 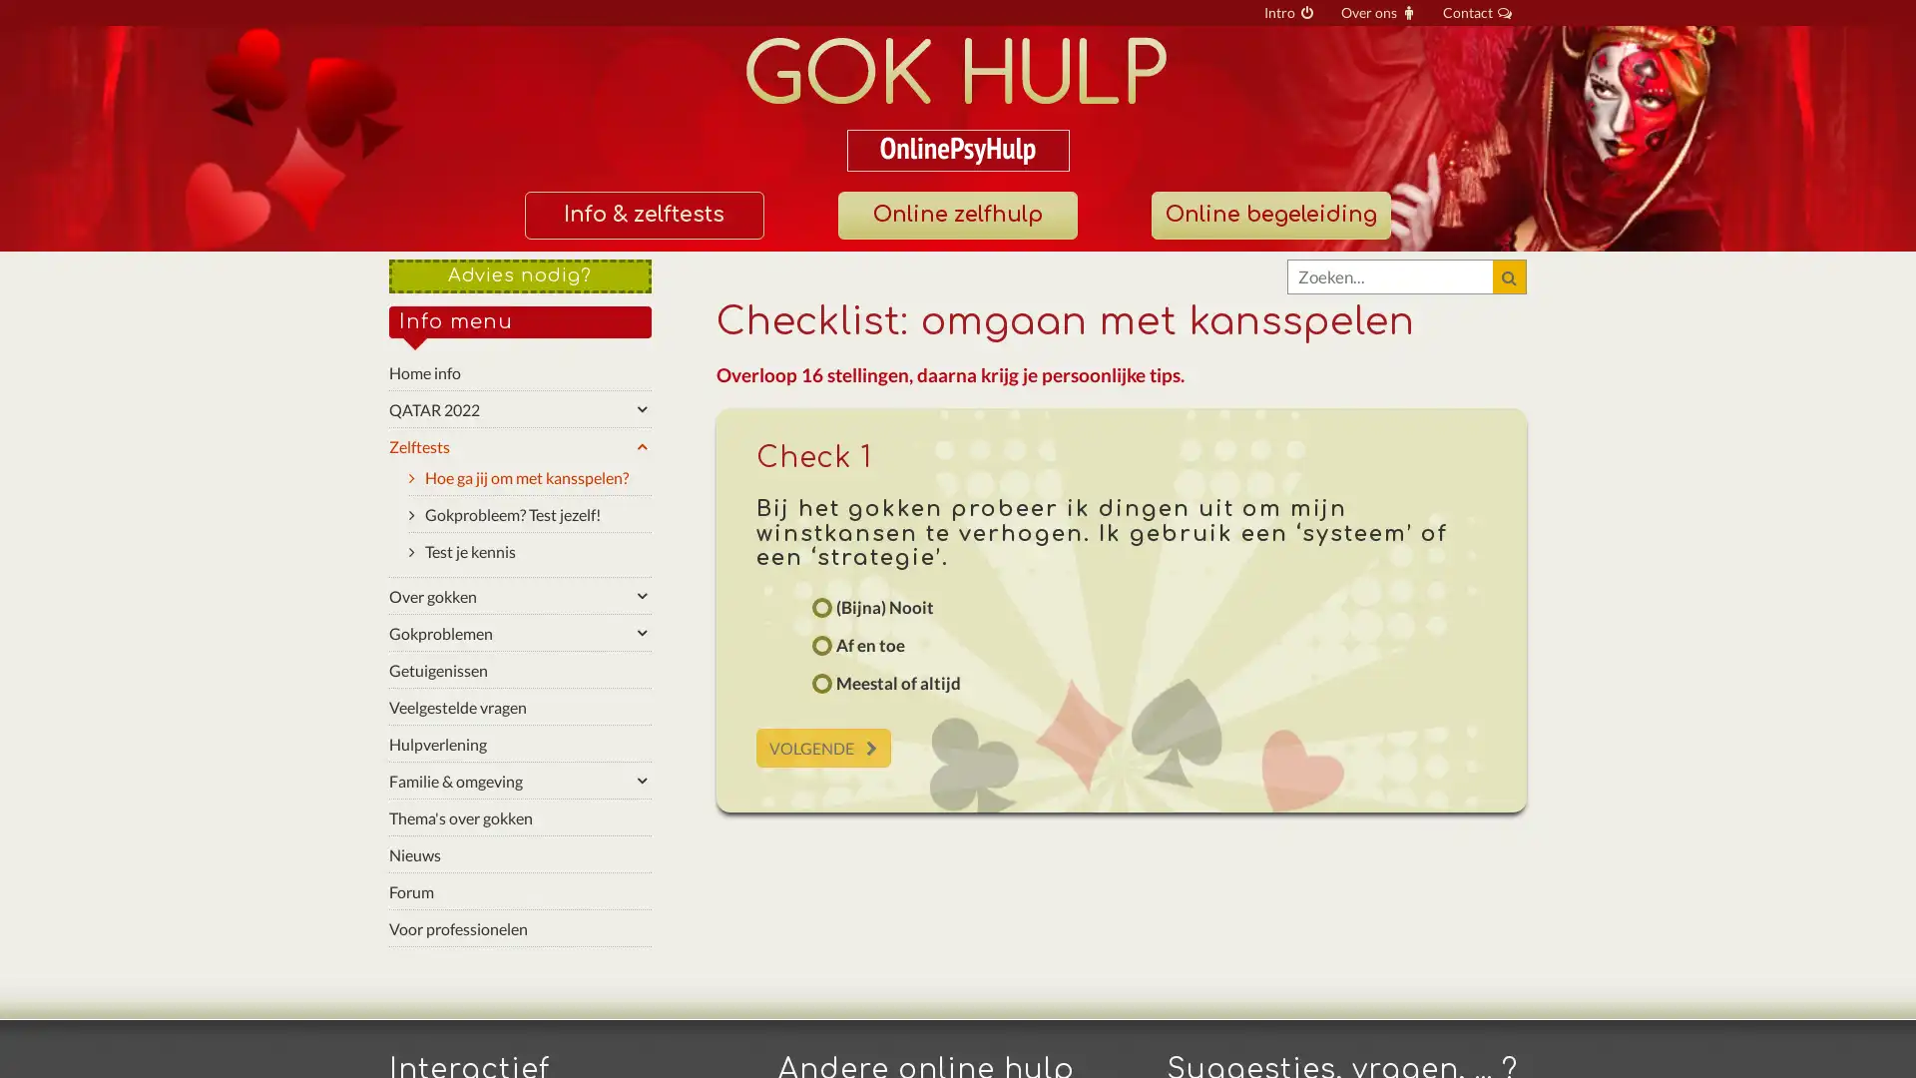 I want to click on Info & zelftests, so click(x=643, y=215).